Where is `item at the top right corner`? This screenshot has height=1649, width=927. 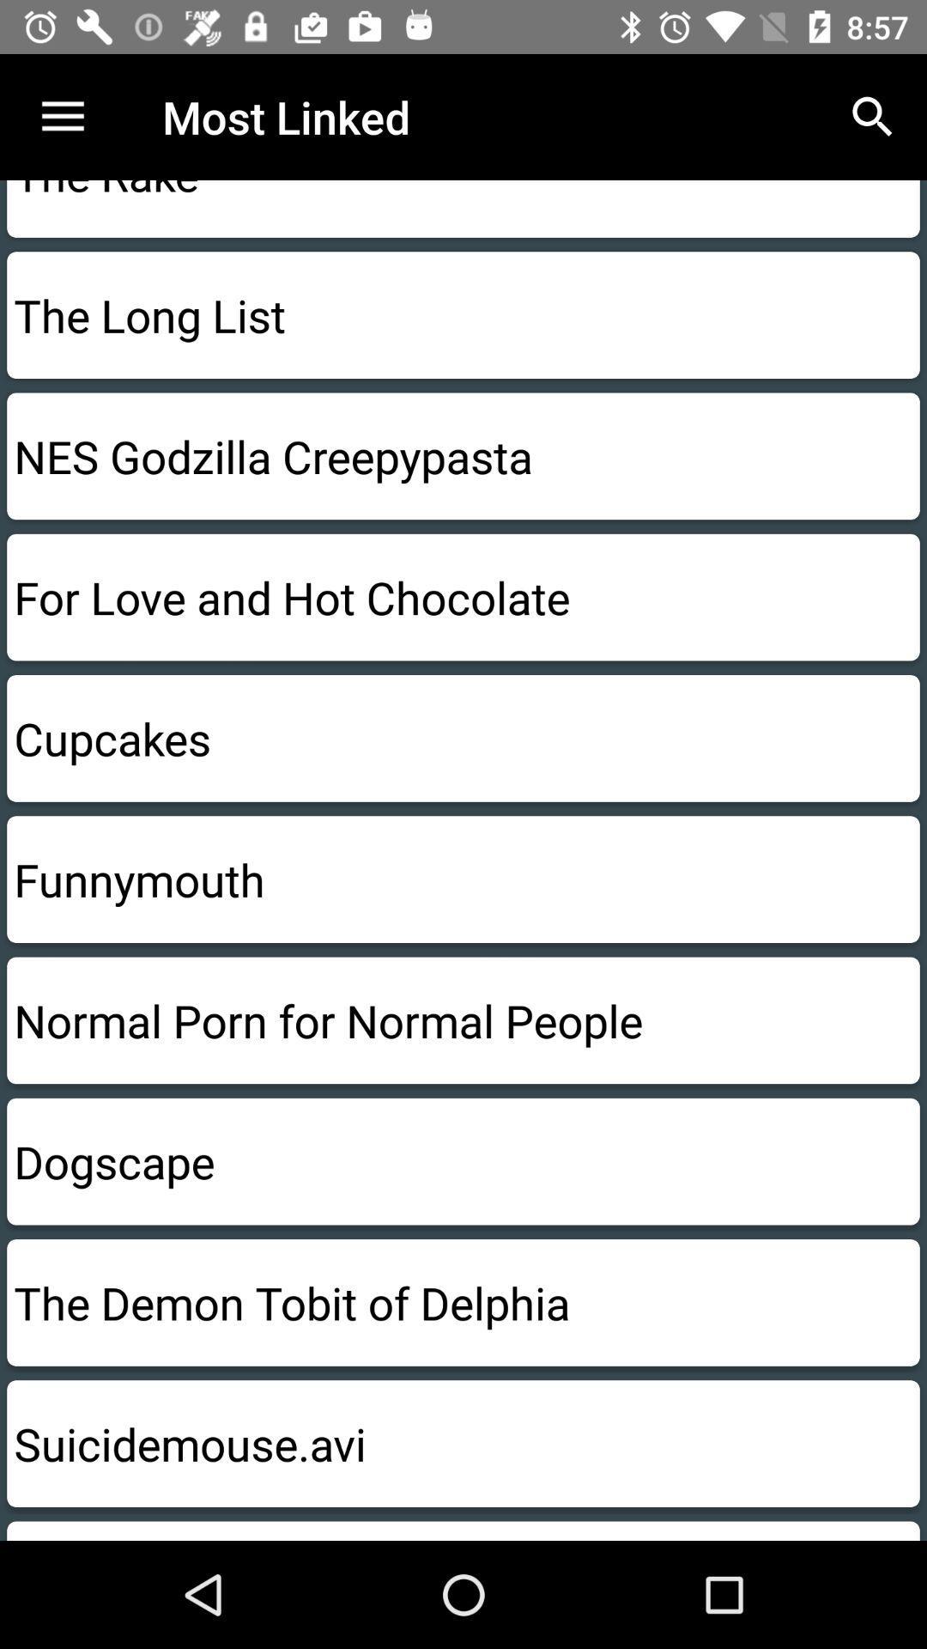
item at the top right corner is located at coordinates (873, 116).